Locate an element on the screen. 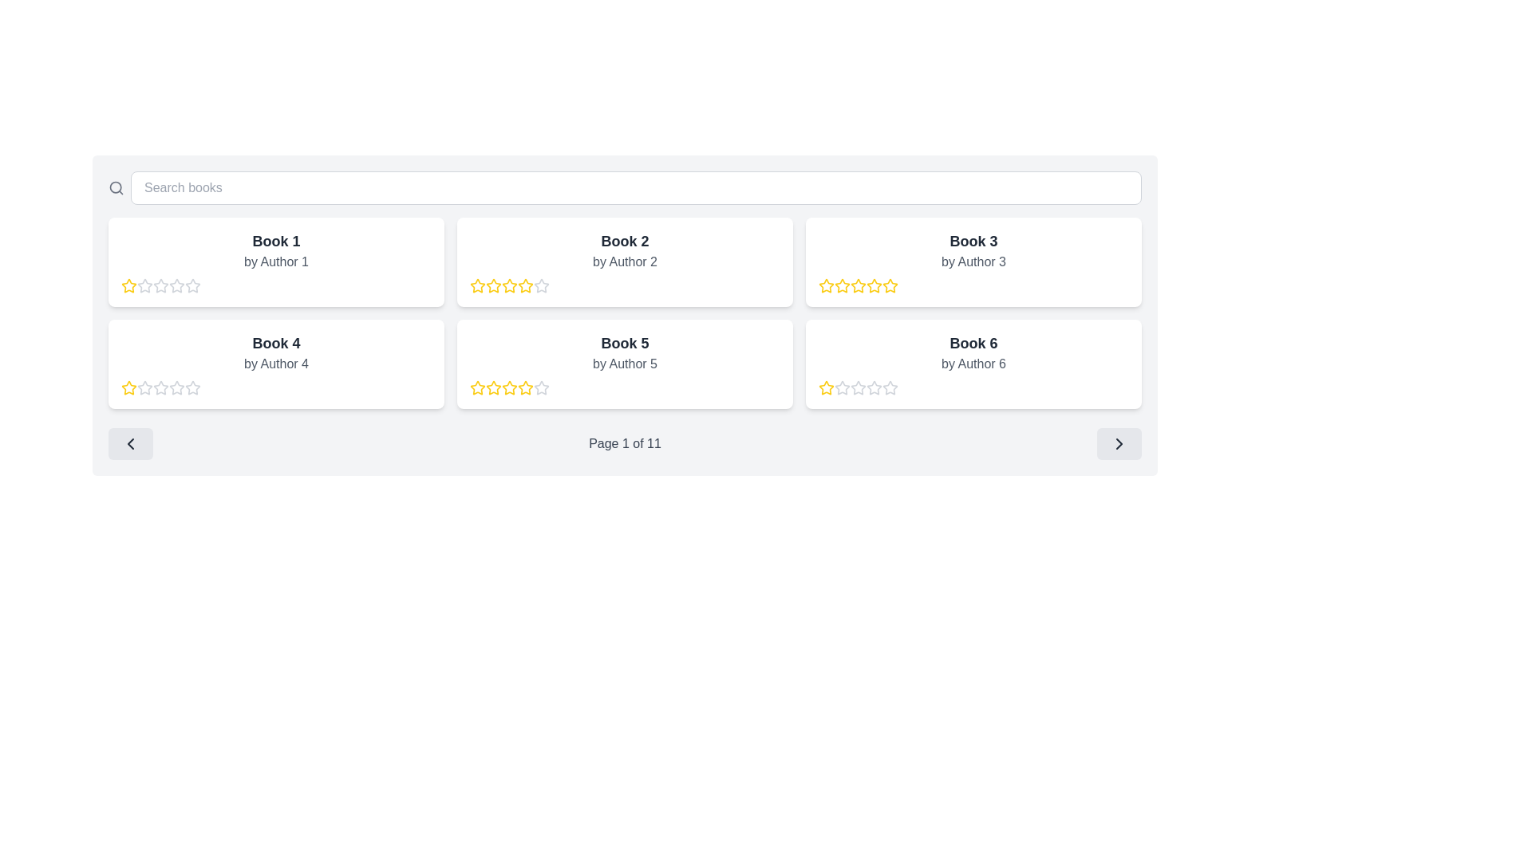 The image size is (1532, 861). the third star icon in the 5-star rating component under the book titled 'Book 2' is located at coordinates (541, 285).